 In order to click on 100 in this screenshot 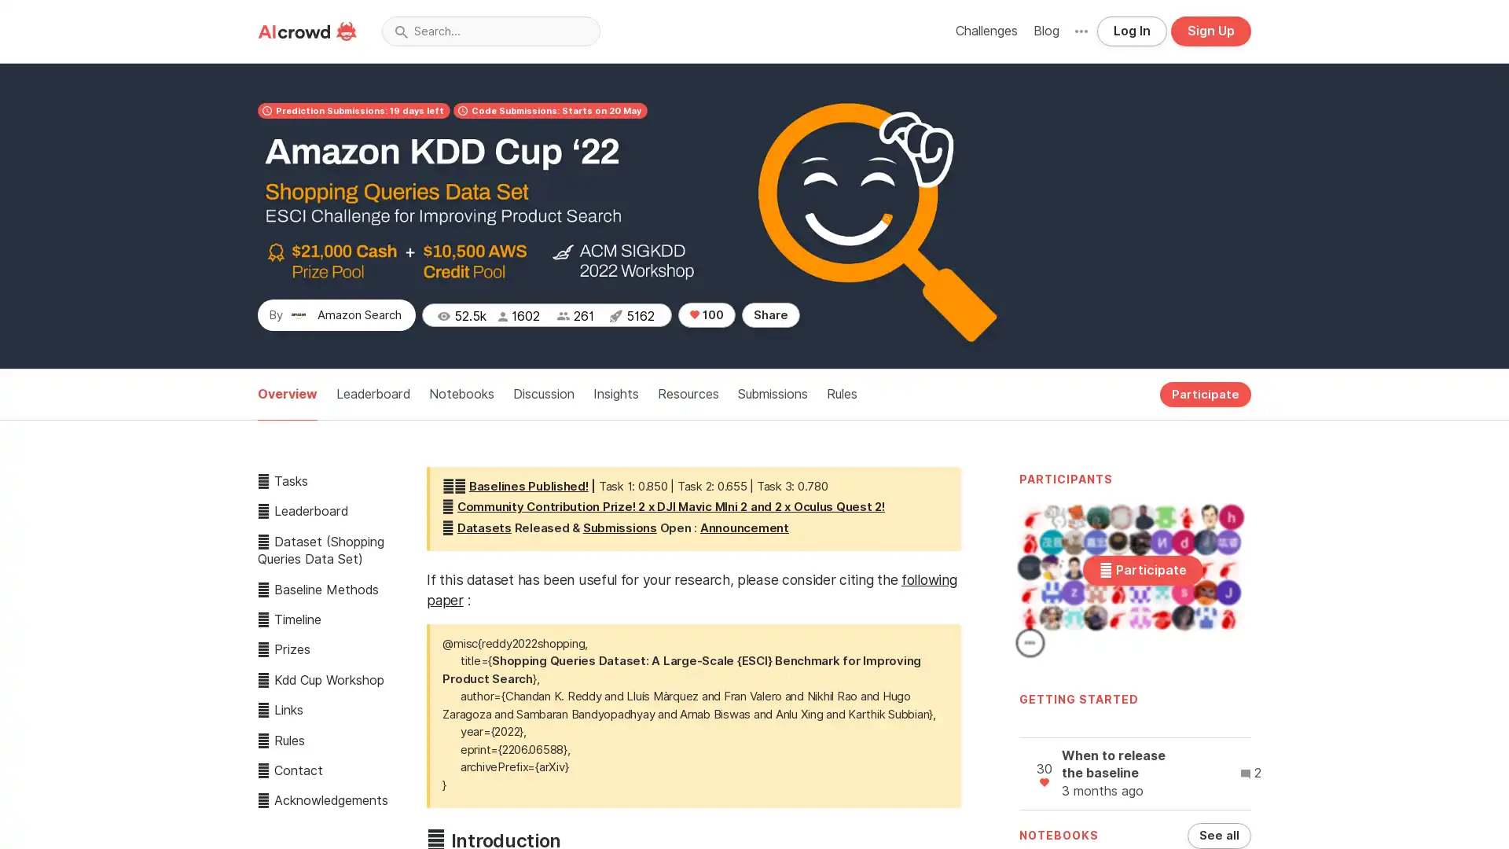, I will do `click(706, 314)`.